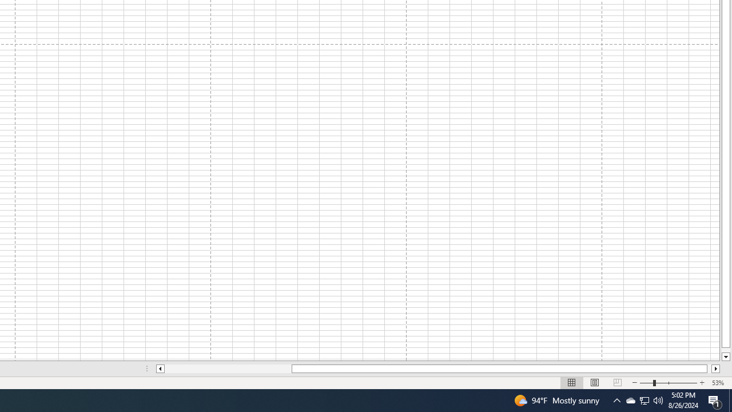 The image size is (732, 412). I want to click on 'Page right', so click(709, 369).